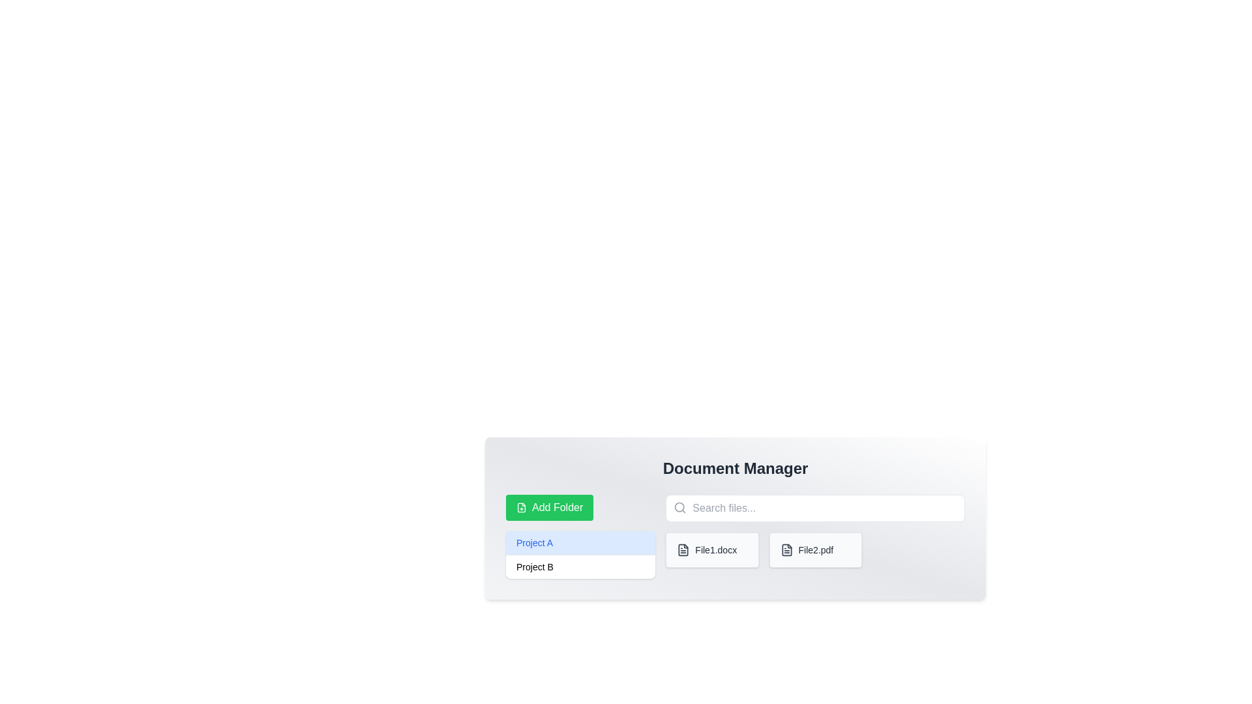 The width and height of the screenshot is (1252, 704). Describe the element at coordinates (715, 550) in the screenshot. I see `text 'File1.docx' from the label that is styled in a small font size with medium weight and gray color, positioned in the middle section of the document manager interface, specifically on the first file card from the left` at that location.